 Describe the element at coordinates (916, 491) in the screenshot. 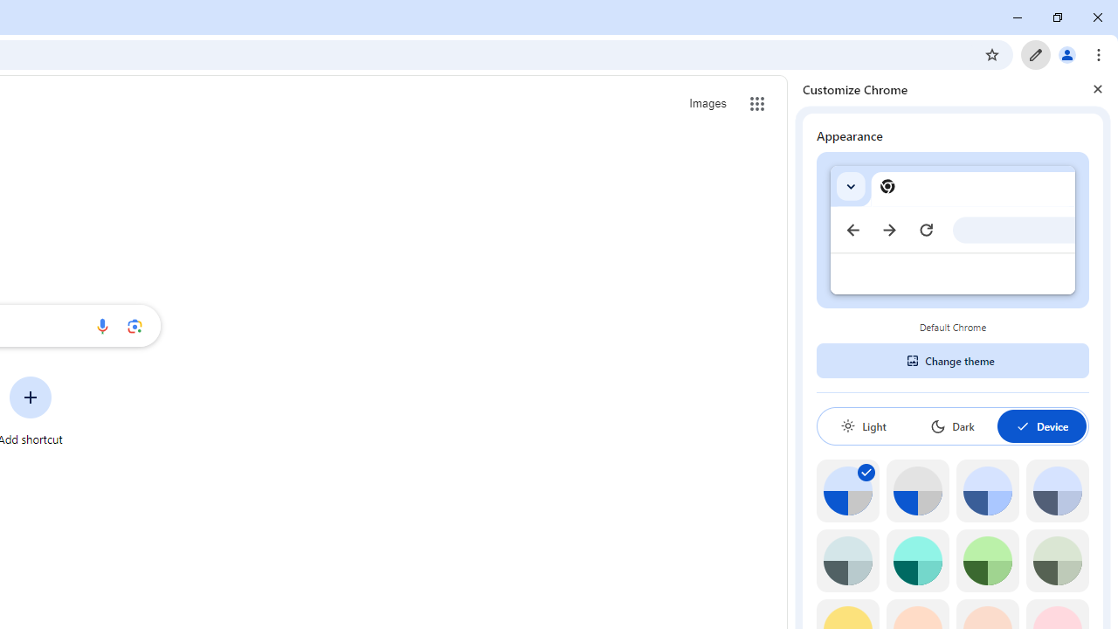

I see `'Grey default color'` at that location.